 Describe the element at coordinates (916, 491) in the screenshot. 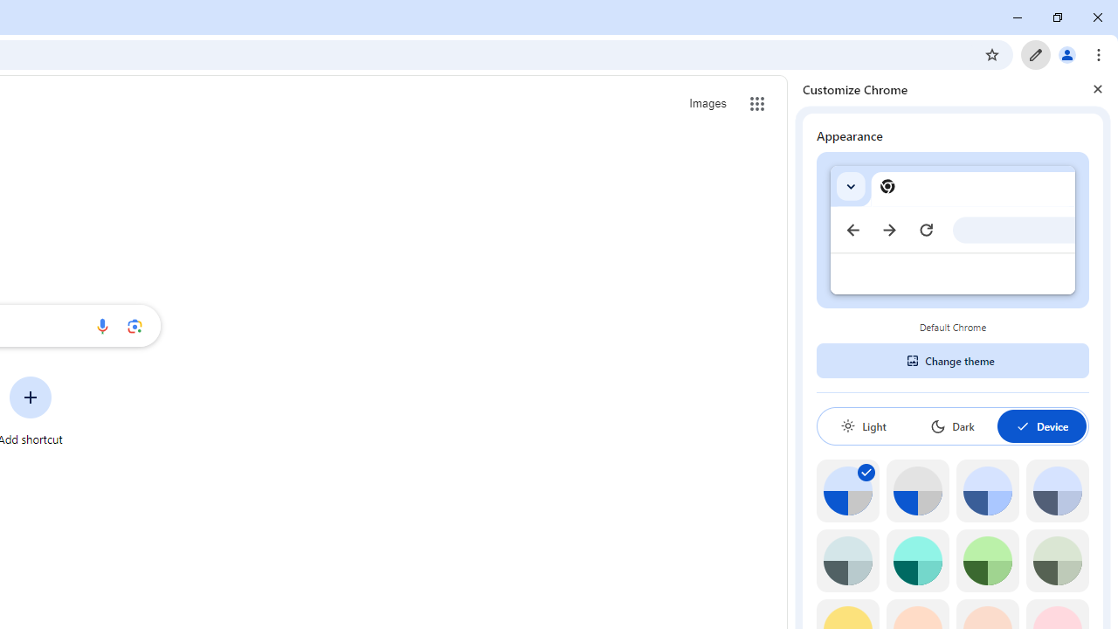

I see `'Grey default color'` at that location.